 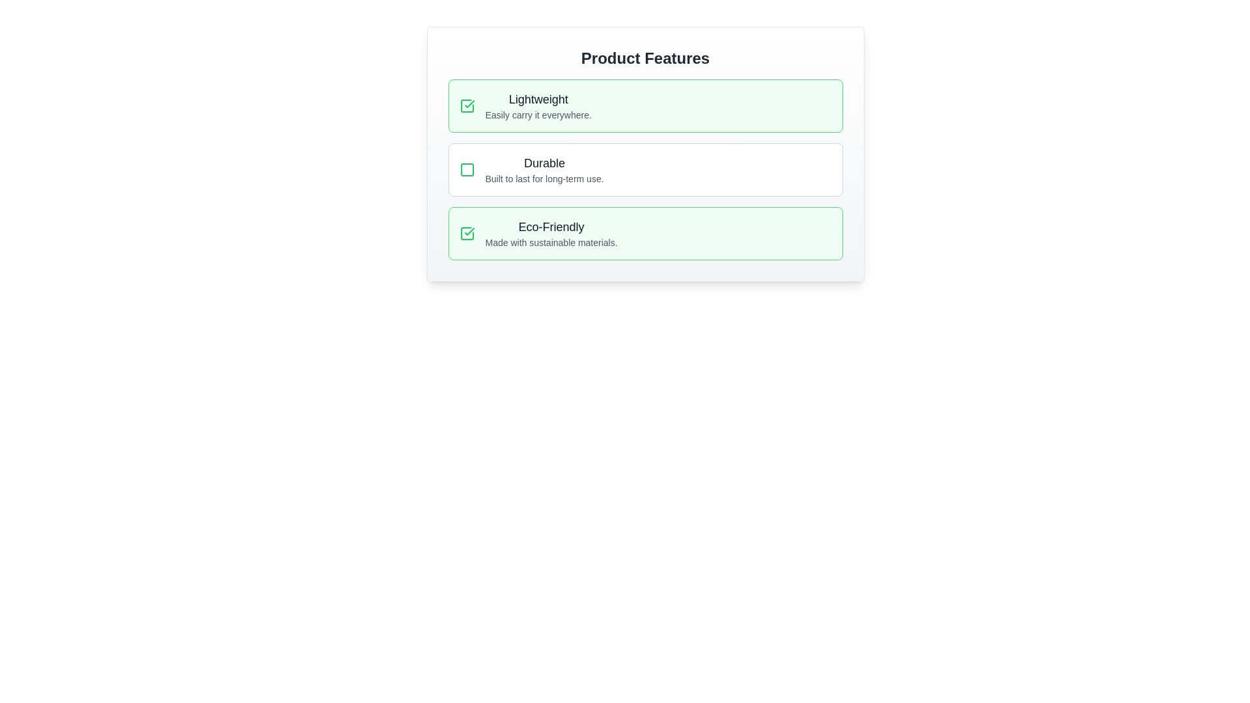 I want to click on text of the Text Label located at the top of the first feature block under the 'Product Features' section, so click(x=538, y=99).